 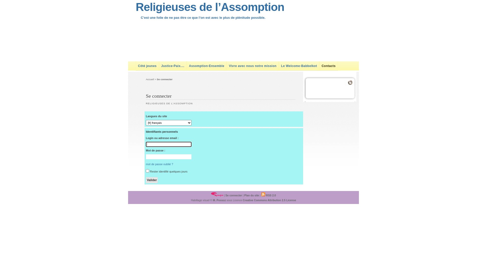 What do you see at coordinates (173, 65) in the screenshot?
I see `'Justice-Paix....'` at bounding box center [173, 65].